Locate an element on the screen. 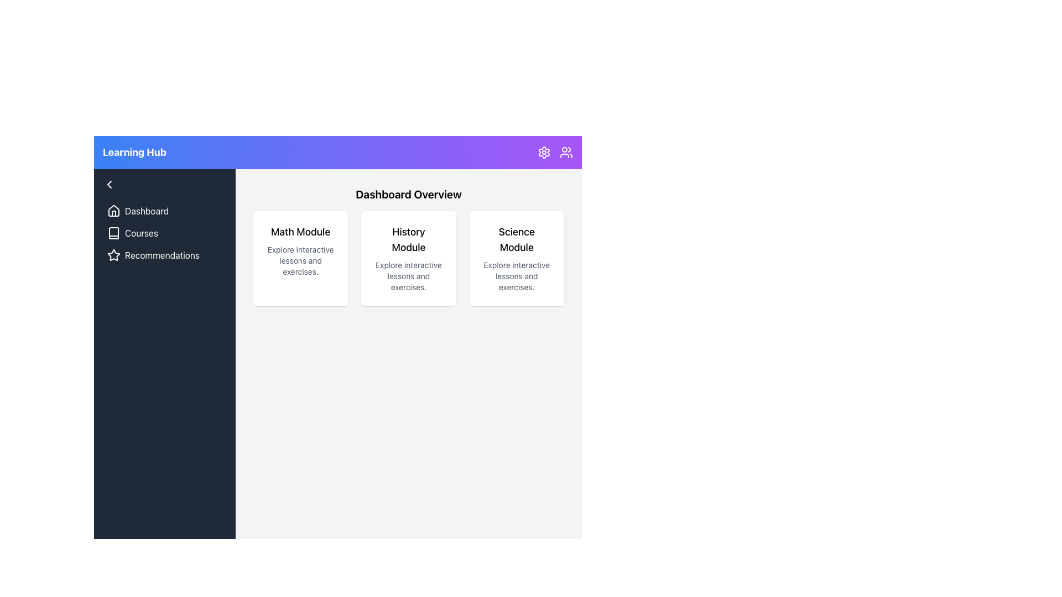 The image size is (1062, 597). the user icon located in the top right corner of the header bar is located at coordinates (555, 153).